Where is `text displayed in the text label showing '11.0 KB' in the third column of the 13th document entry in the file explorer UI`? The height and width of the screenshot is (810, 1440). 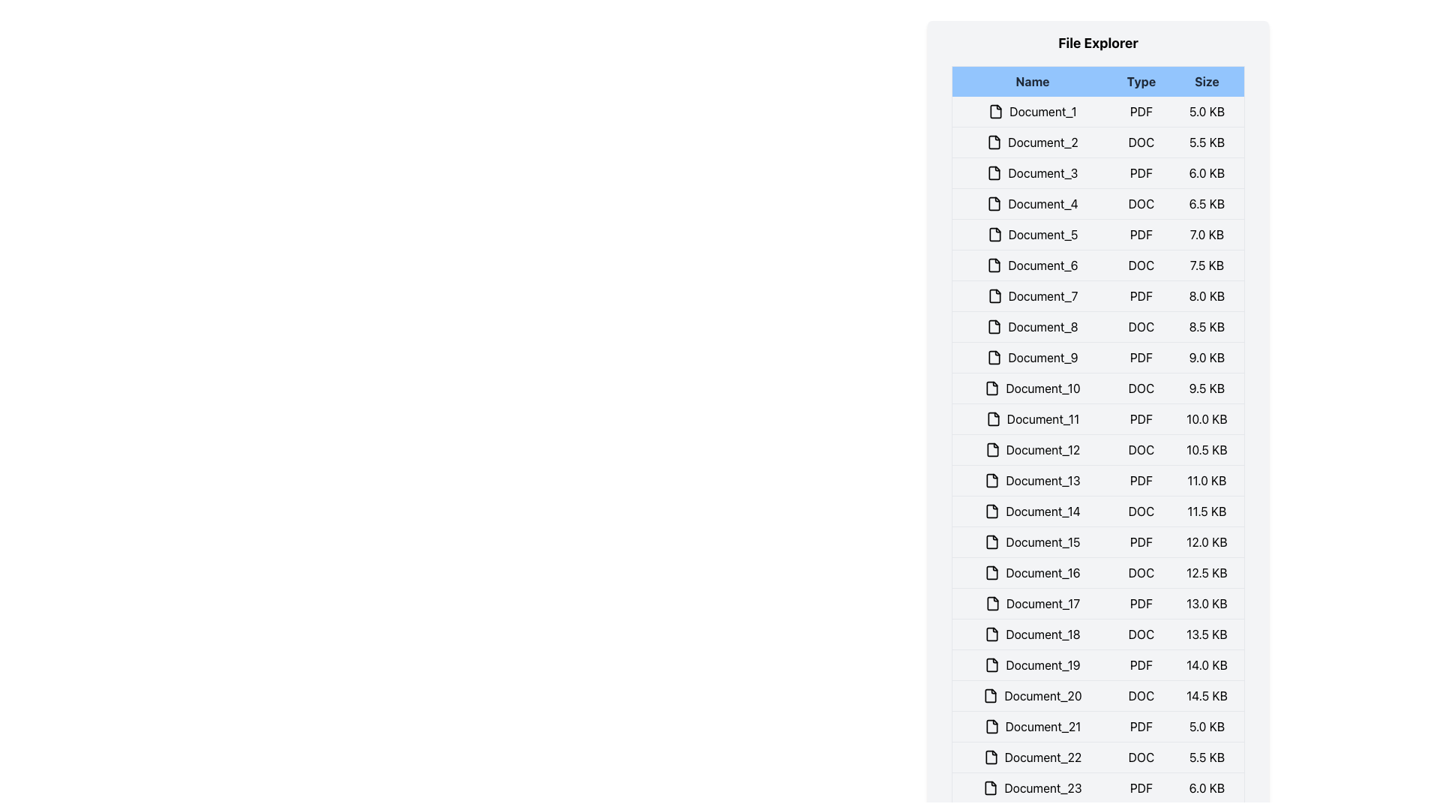
text displayed in the text label showing '11.0 KB' in the third column of the 13th document entry in the file explorer UI is located at coordinates (1207, 480).